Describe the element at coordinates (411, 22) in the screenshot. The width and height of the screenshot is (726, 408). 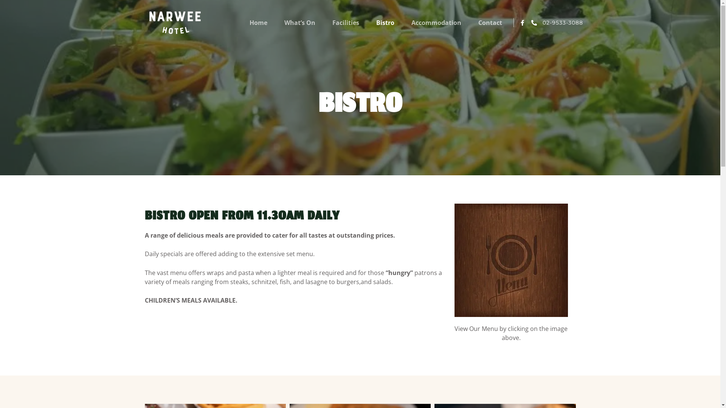
I see `'Accommodation'` at that location.